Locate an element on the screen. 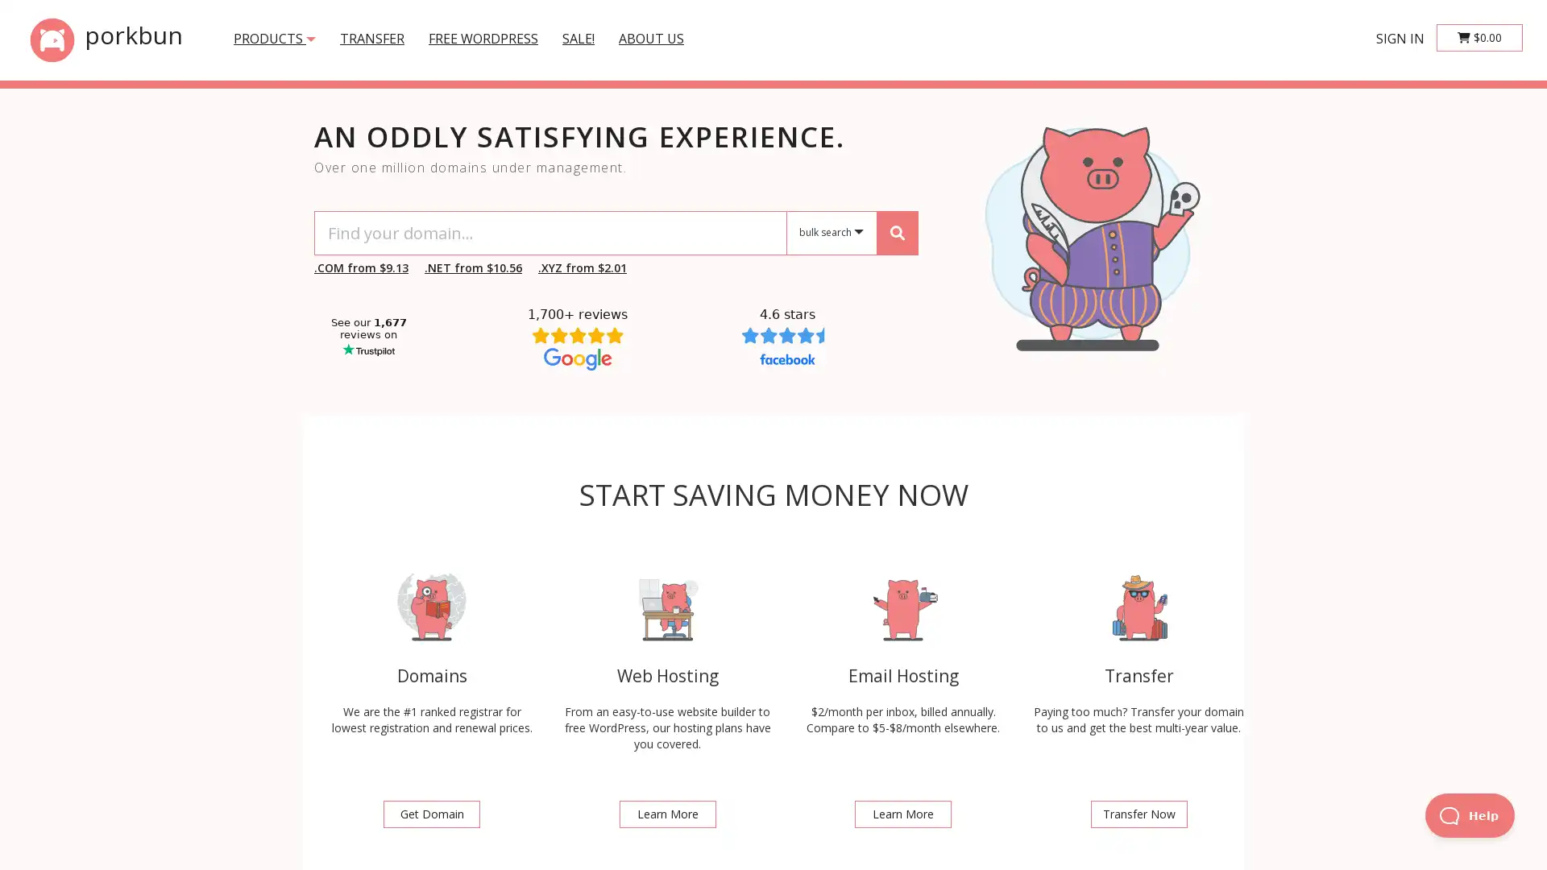 This screenshot has width=1547, height=870. open bulk search is located at coordinates (832, 233).